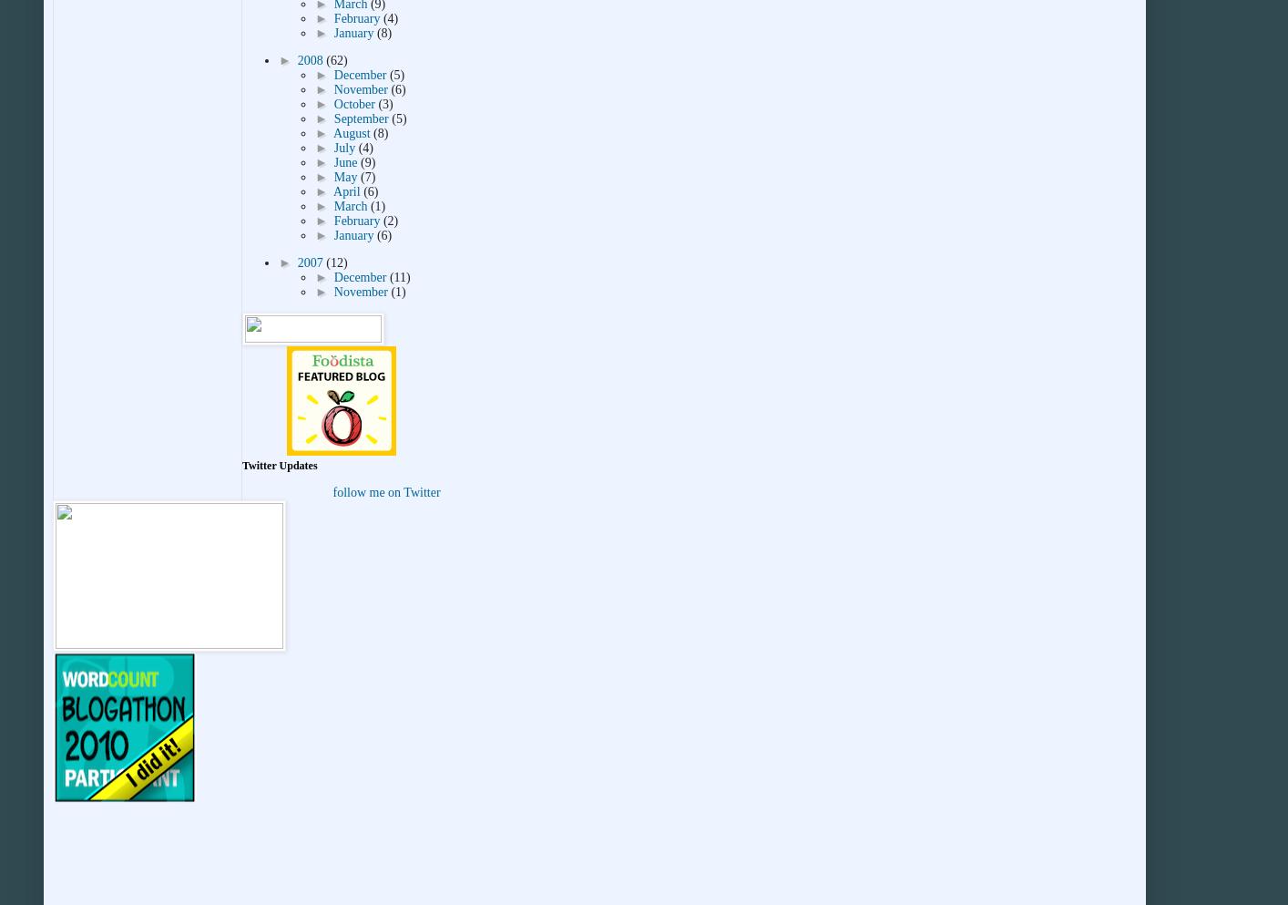  I want to click on 'March', so click(352, 206).